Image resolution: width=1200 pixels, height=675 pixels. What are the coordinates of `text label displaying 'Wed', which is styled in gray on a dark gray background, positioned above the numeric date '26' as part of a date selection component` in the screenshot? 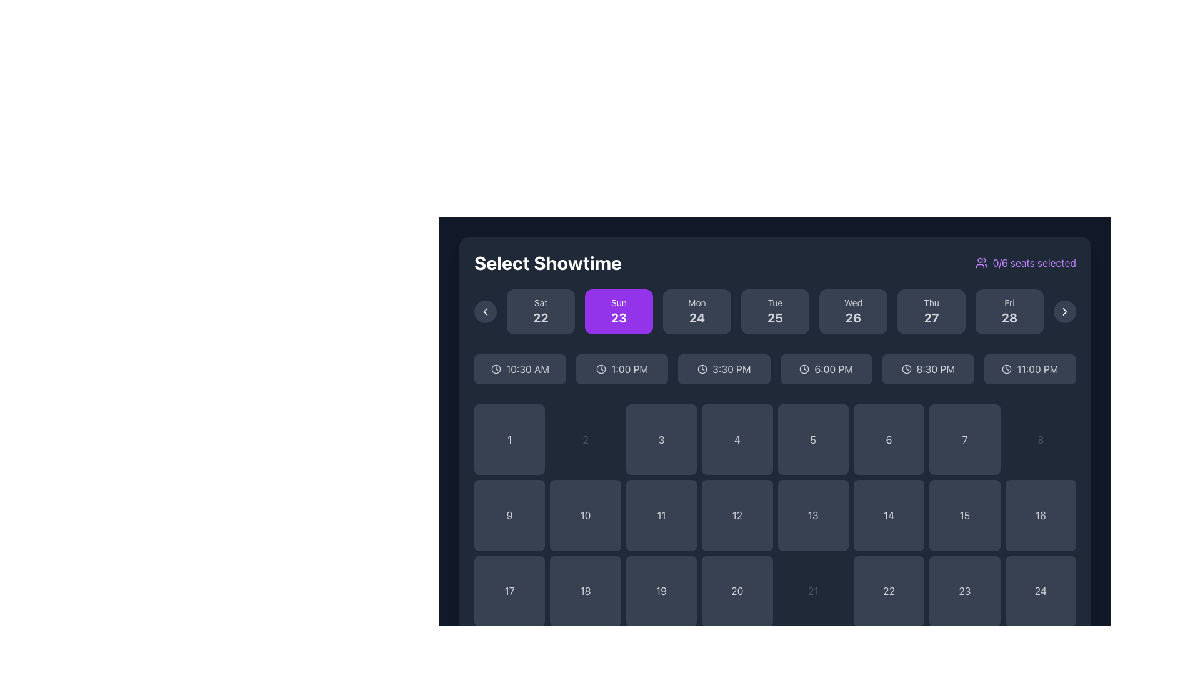 It's located at (852, 303).